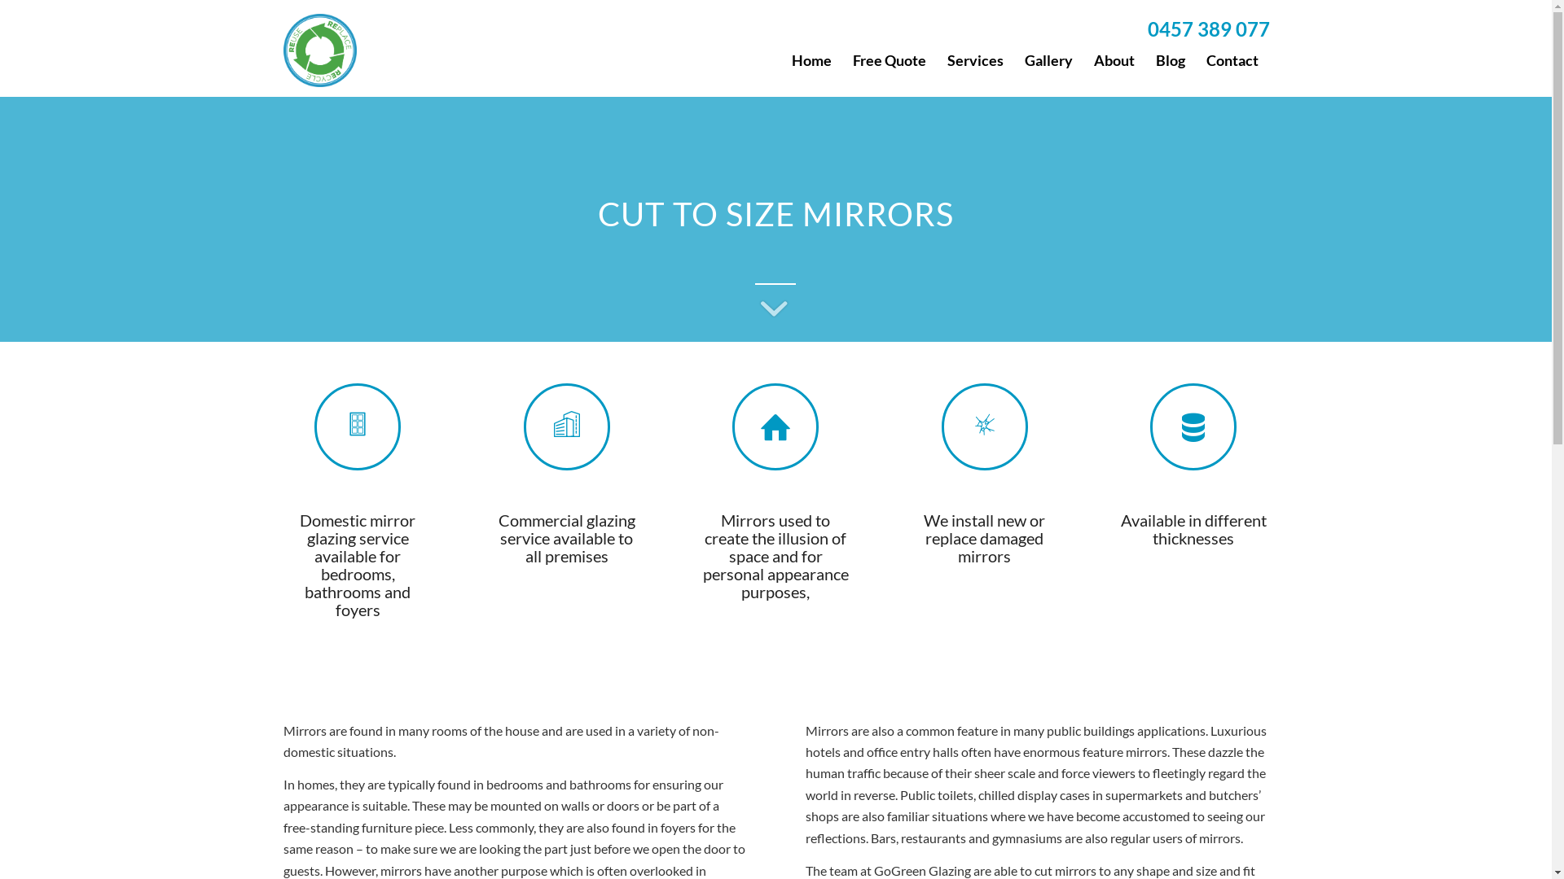 The width and height of the screenshot is (1564, 879). I want to click on 'Free Quote', so click(889, 59).